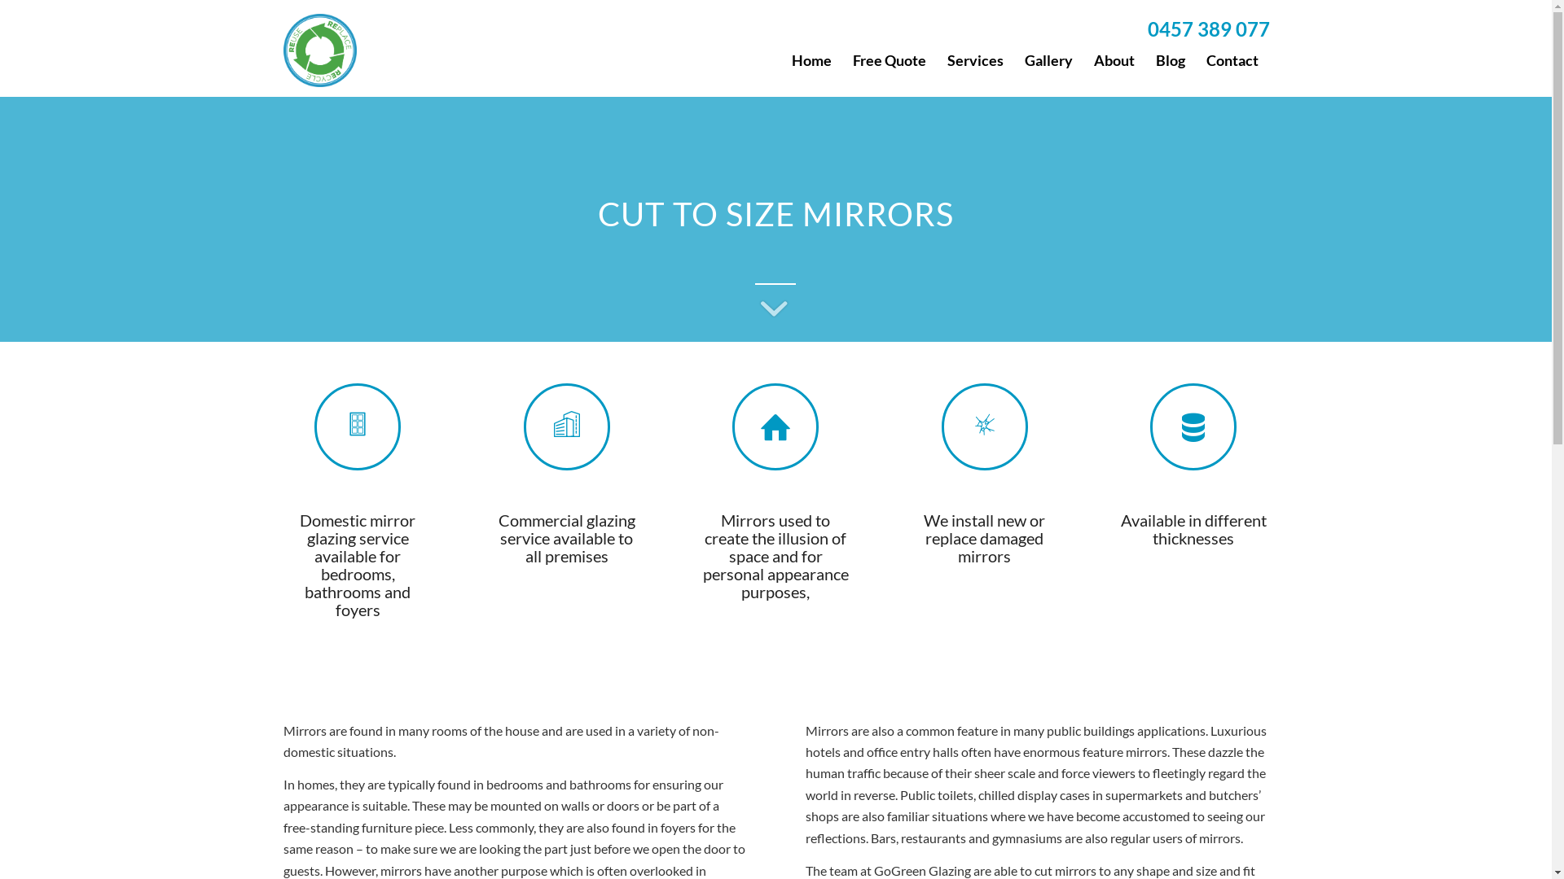 The width and height of the screenshot is (1564, 879). I want to click on 'Free Quote', so click(889, 59).